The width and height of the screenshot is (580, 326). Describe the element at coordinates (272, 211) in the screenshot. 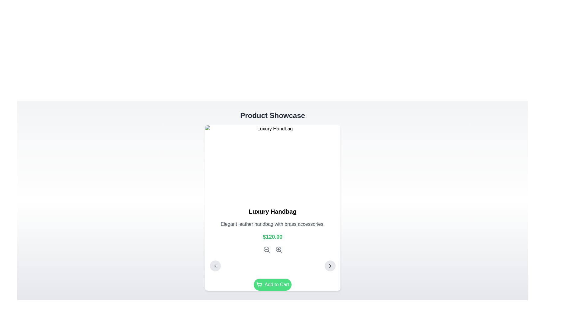

I see `the bold black text label reading 'Luxury Handbag', which is located centrally in the 'Product Showcase' card, above the product description and price` at that location.